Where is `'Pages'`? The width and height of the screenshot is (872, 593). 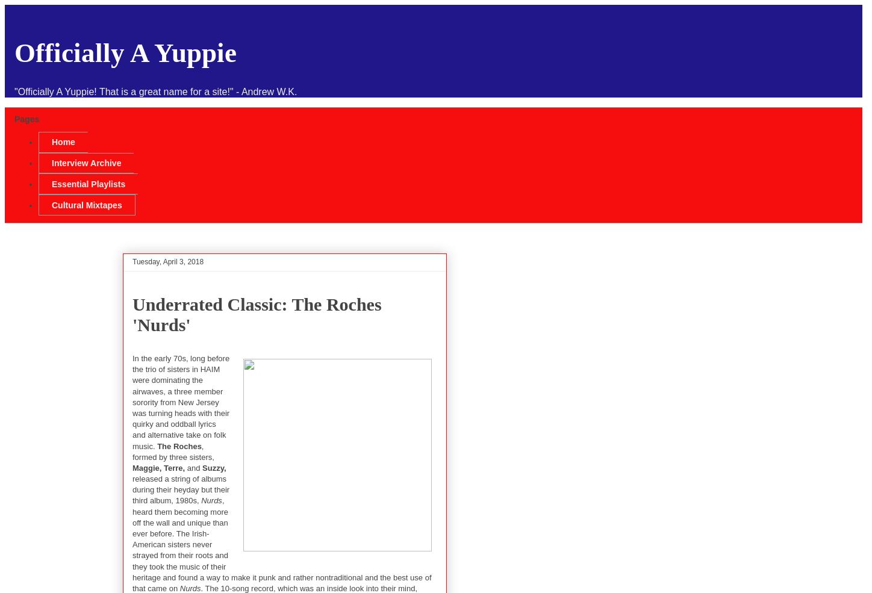
'Pages' is located at coordinates (26, 119).